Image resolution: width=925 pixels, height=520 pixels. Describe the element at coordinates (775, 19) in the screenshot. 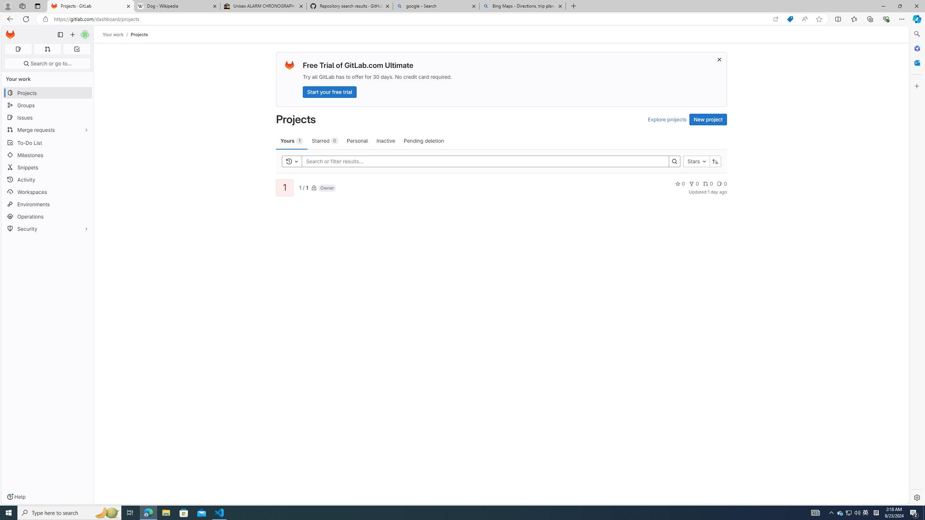

I see `'Open in app'` at that location.